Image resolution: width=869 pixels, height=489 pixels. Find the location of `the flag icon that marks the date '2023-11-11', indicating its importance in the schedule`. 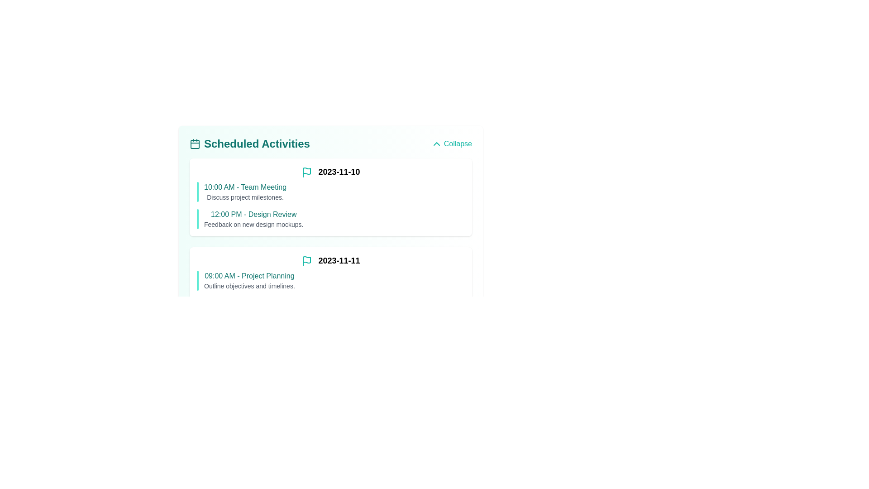

the flag icon that marks the date '2023-11-11', indicating its importance in the schedule is located at coordinates (307, 261).